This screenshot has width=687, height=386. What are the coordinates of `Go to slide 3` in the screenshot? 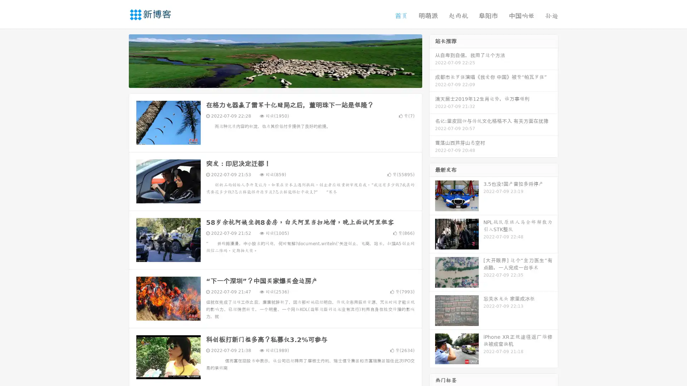 It's located at (282, 80).